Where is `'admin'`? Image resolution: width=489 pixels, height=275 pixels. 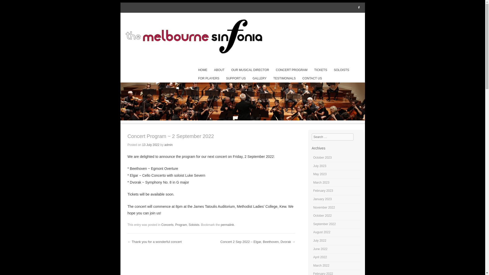 'admin' is located at coordinates (168, 145).